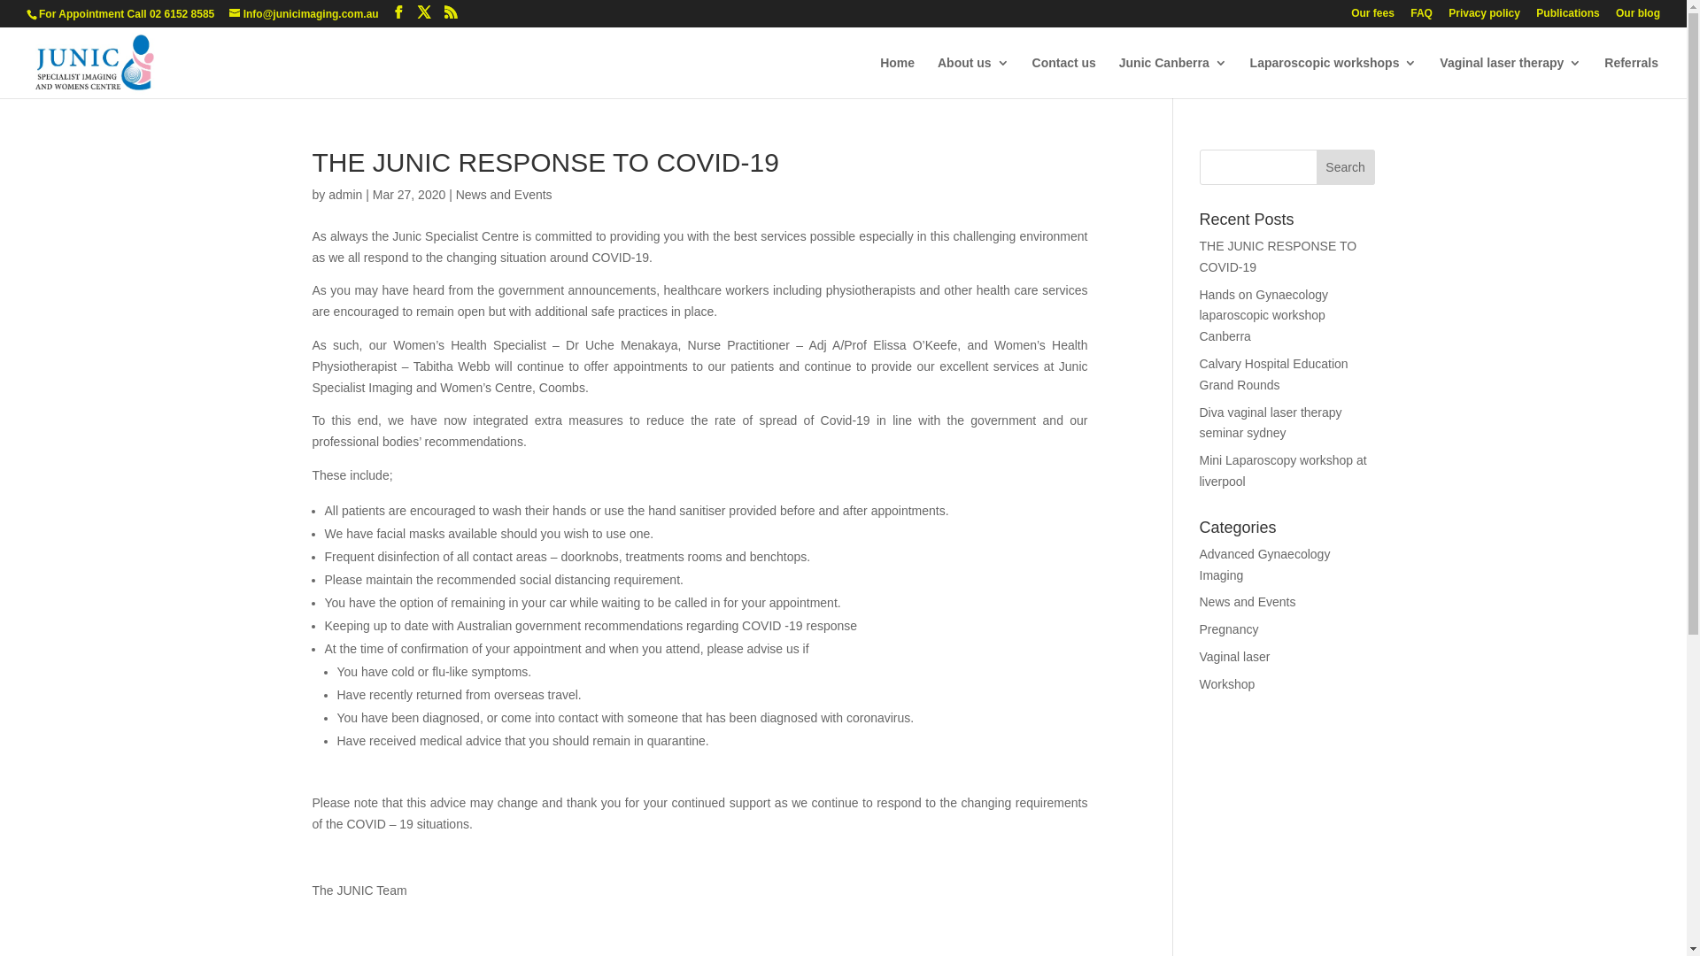  Describe the element at coordinates (1372, 17) in the screenshot. I see `'Our fees'` at that location.